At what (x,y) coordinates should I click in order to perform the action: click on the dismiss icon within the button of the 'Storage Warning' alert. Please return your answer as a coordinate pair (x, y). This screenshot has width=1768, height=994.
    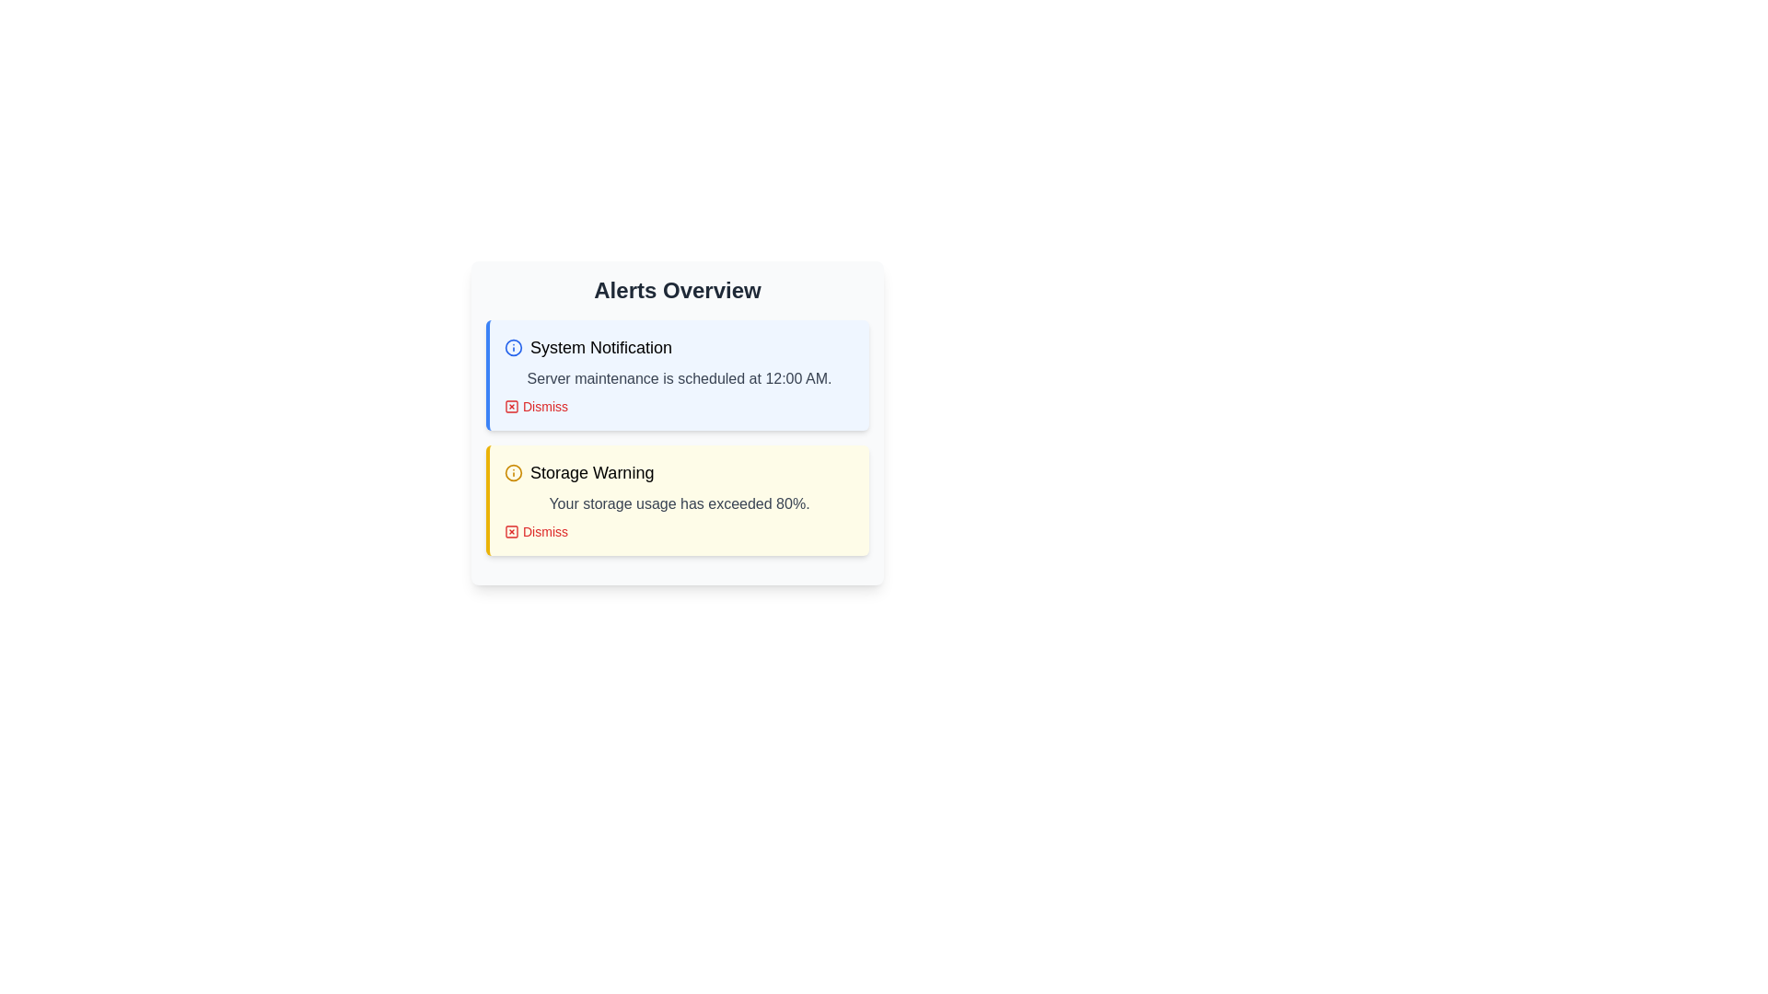
    Looking at the image, I should click on (512, 532).